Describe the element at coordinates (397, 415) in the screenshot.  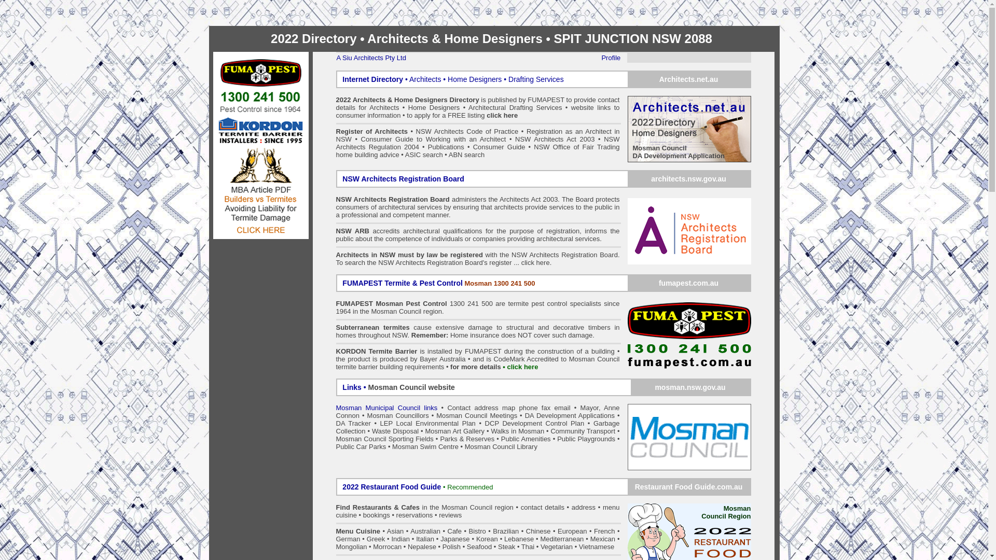
I see `'Mosman Councillors'` at that location.